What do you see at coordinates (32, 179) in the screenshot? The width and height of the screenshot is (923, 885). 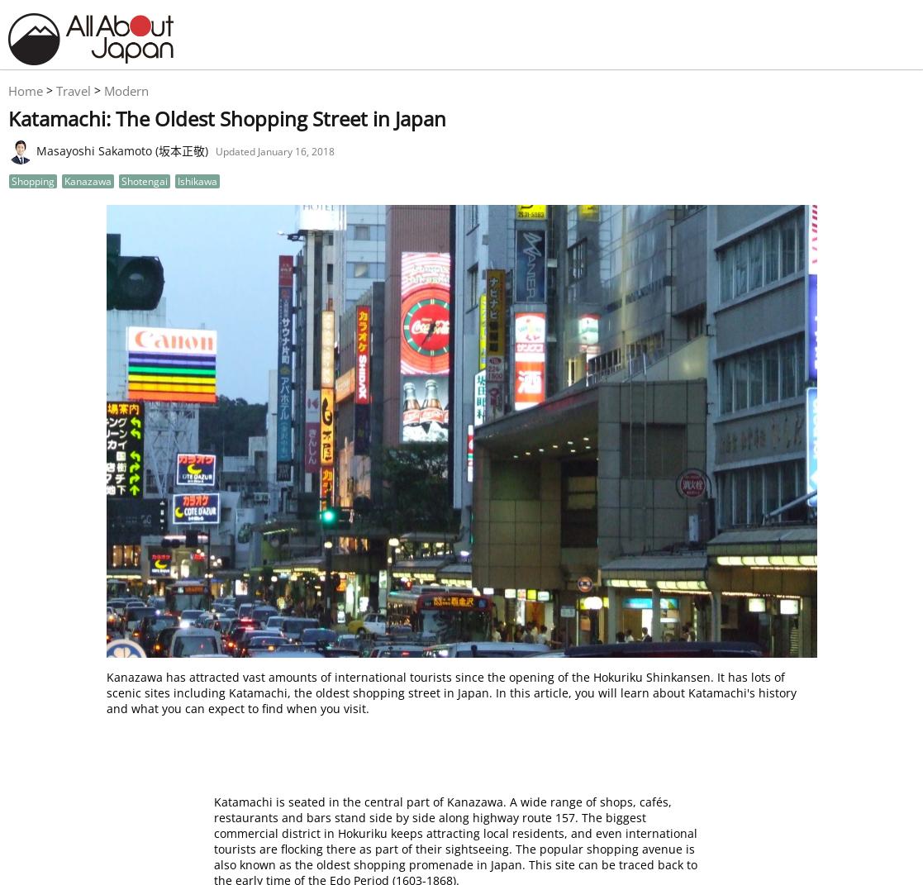 I see `'Shopping'` at bounding box center [32, 179].